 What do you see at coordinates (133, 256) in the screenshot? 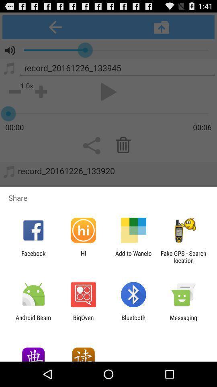
I see `the app next to the hi app` at bounding box center [133, 256].